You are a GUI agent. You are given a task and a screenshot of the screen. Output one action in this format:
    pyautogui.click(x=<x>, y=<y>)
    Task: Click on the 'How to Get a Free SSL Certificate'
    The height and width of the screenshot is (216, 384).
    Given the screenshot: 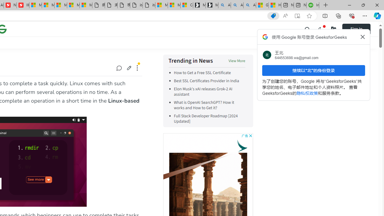 What is the action you would take?
    pyautogui.click(x=202, y=73)
    